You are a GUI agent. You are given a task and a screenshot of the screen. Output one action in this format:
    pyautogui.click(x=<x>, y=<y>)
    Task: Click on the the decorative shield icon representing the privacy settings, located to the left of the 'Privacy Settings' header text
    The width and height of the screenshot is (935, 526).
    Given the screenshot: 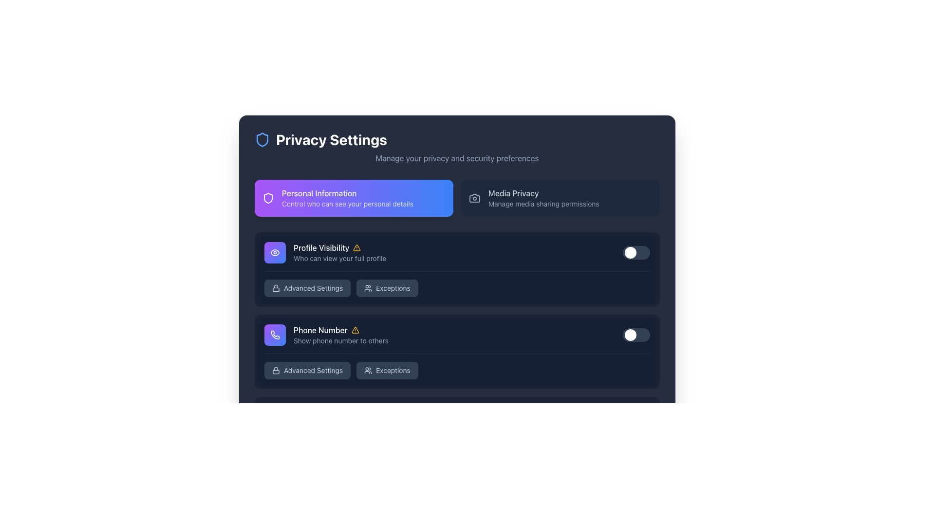 What is the action you would take?
    pyautogui.click(x=262, y=139)
    